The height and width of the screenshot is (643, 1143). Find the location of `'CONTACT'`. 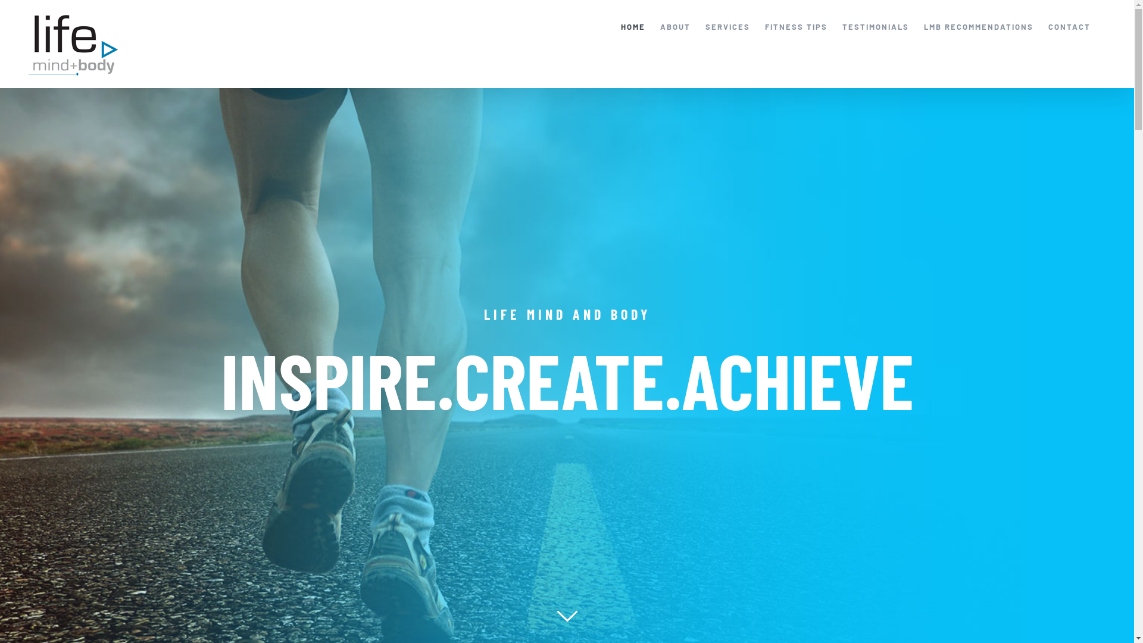

'CONTACT' is located at coordinates (1069, 27).